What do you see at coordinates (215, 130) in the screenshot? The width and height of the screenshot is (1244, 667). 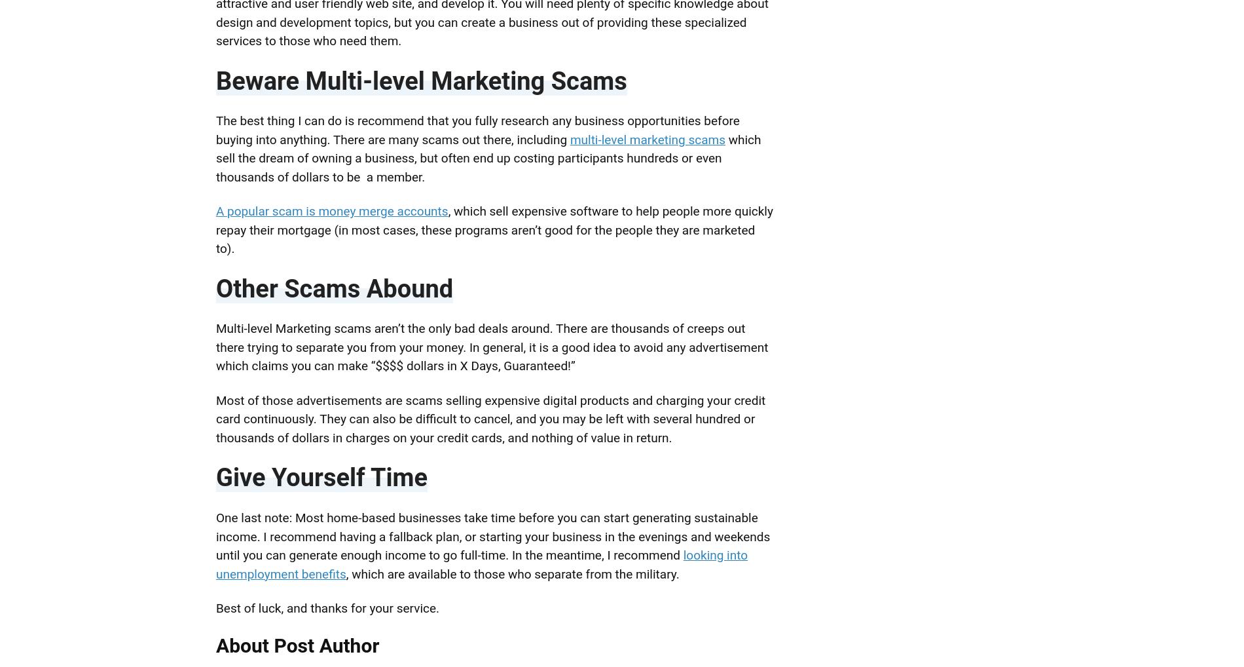 I see `'The best thing I can do is recommend that you fully research any business opportunities before buying into anything. There are many scams out there, including'` at bounding box center [215, 130].